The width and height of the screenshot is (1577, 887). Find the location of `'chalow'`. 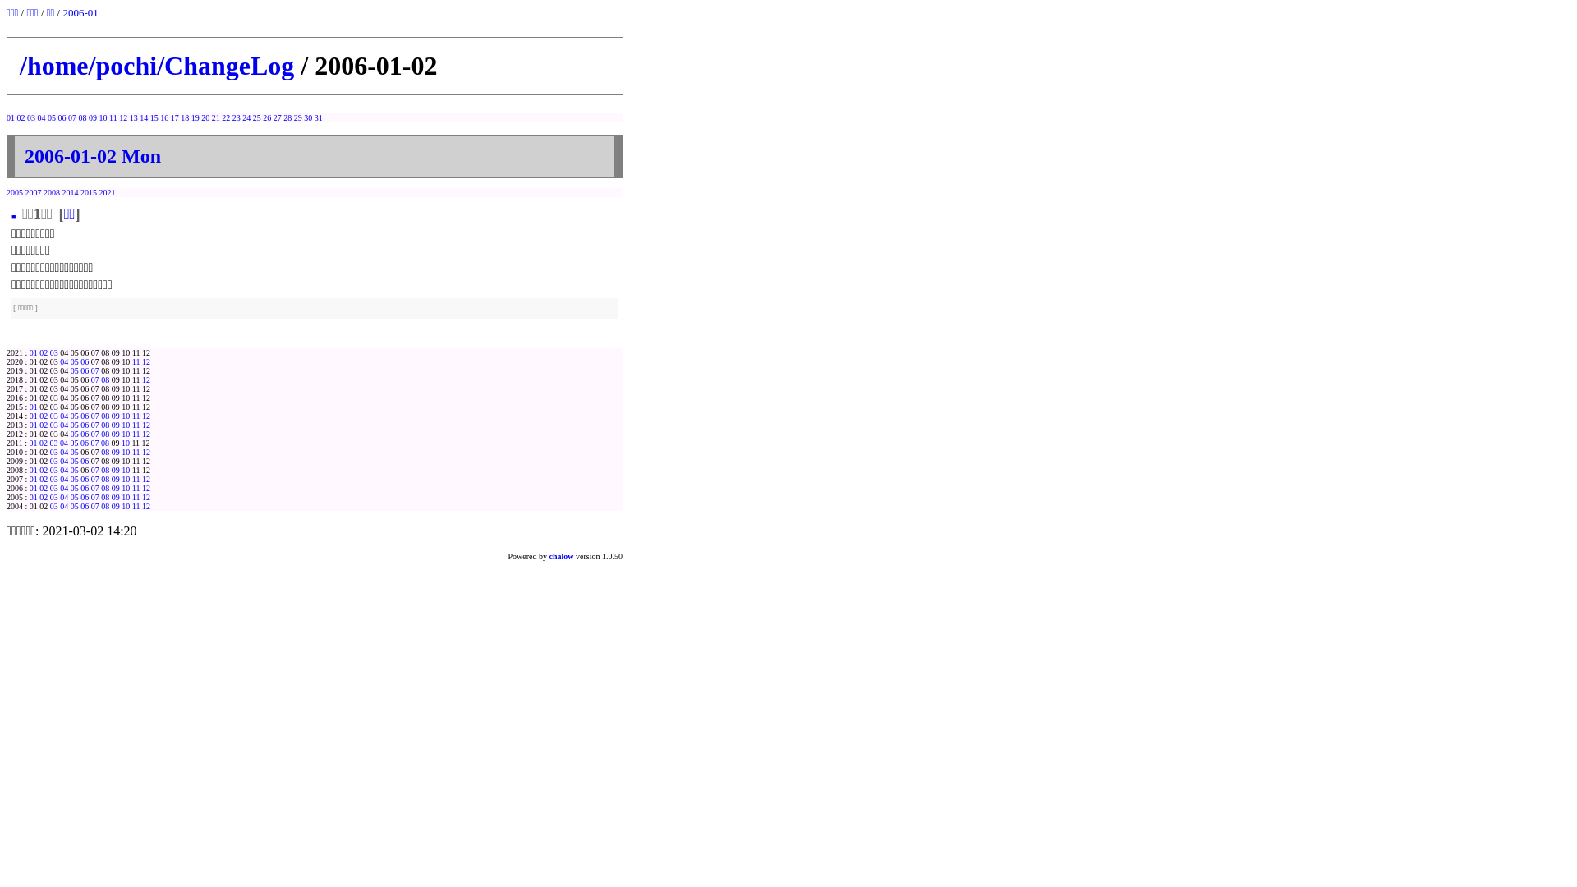

'chalow' is located at coordinates (562, 555).